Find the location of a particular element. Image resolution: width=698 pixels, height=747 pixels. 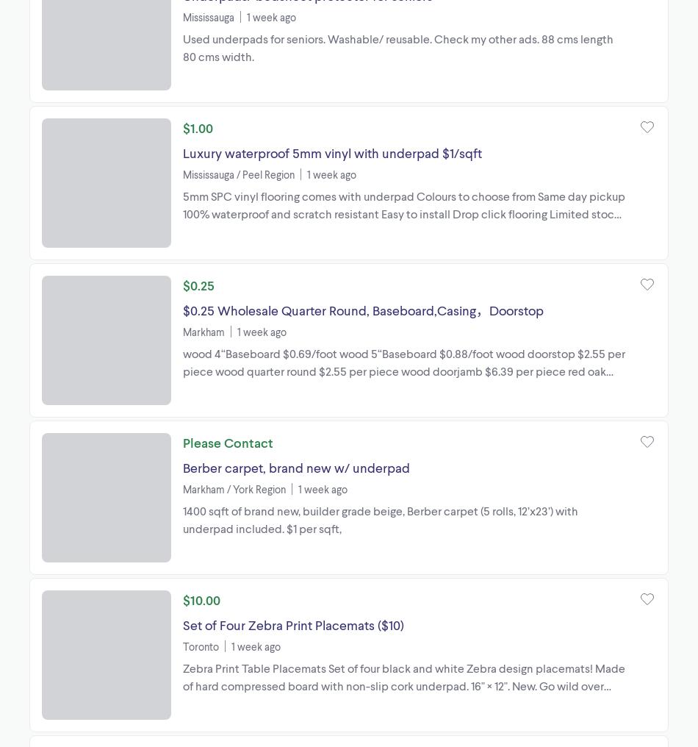

'wood 4“Baseboard $0.69/foot wood 5“Baseboard $0.88/foot wood doorstop $2.55 per piece wood quarter round $2.55 per piece wood doorjamb $6.39 per piece red oak Handrail starts from $5.30/foot 3mm ...' is located at coordinates (403, 370).